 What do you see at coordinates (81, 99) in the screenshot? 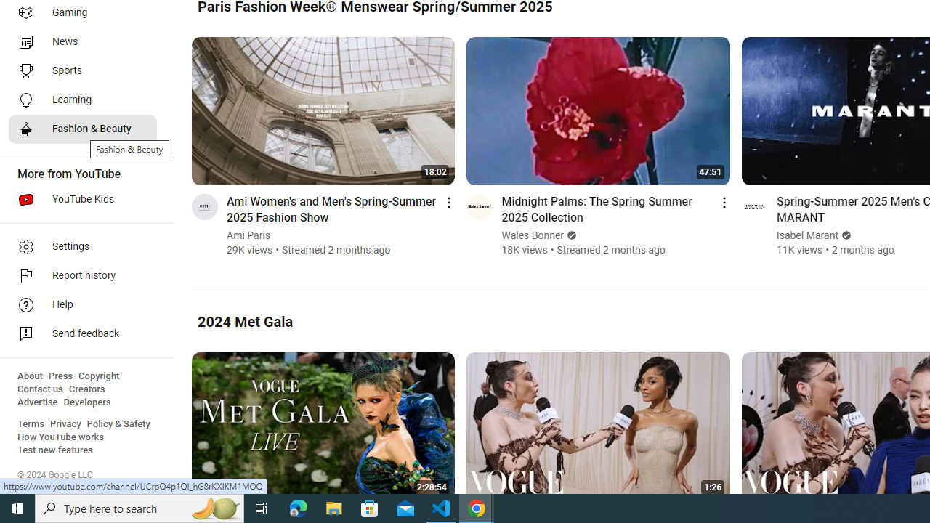
I see `'Learning'` at bounding box center [81, 99].